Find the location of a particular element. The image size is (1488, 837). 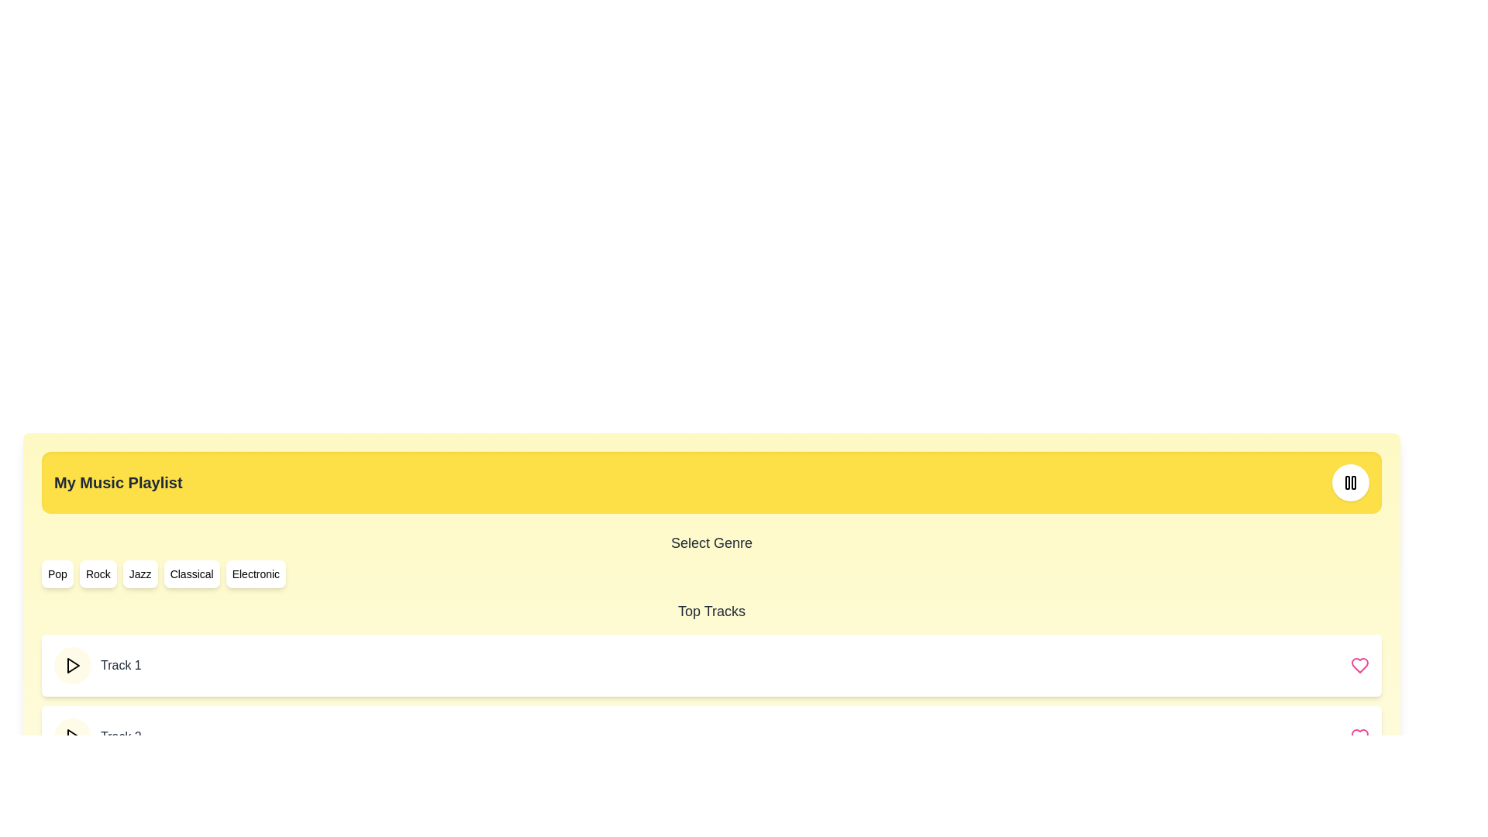

the 'Classical' button, which is a rectangular button with rounded corners, white background, and the text 'Classical' in bold black font, located under the 'Select Genre' heading in the 'My Music Playlist' section is located at coordinates (191, 573).